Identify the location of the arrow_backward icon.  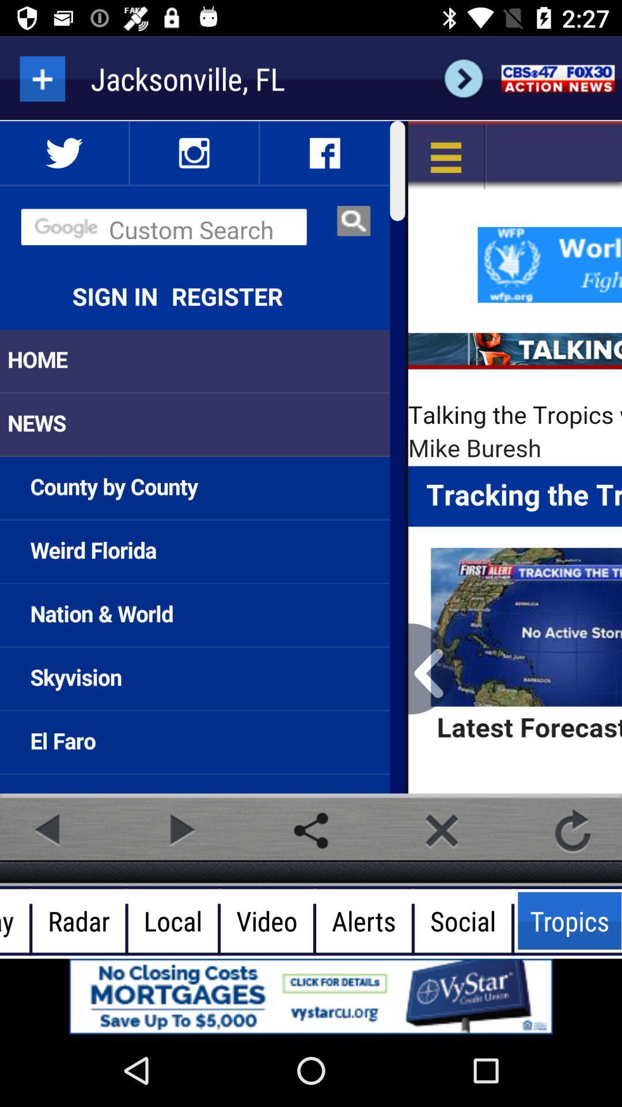
(48, 830).